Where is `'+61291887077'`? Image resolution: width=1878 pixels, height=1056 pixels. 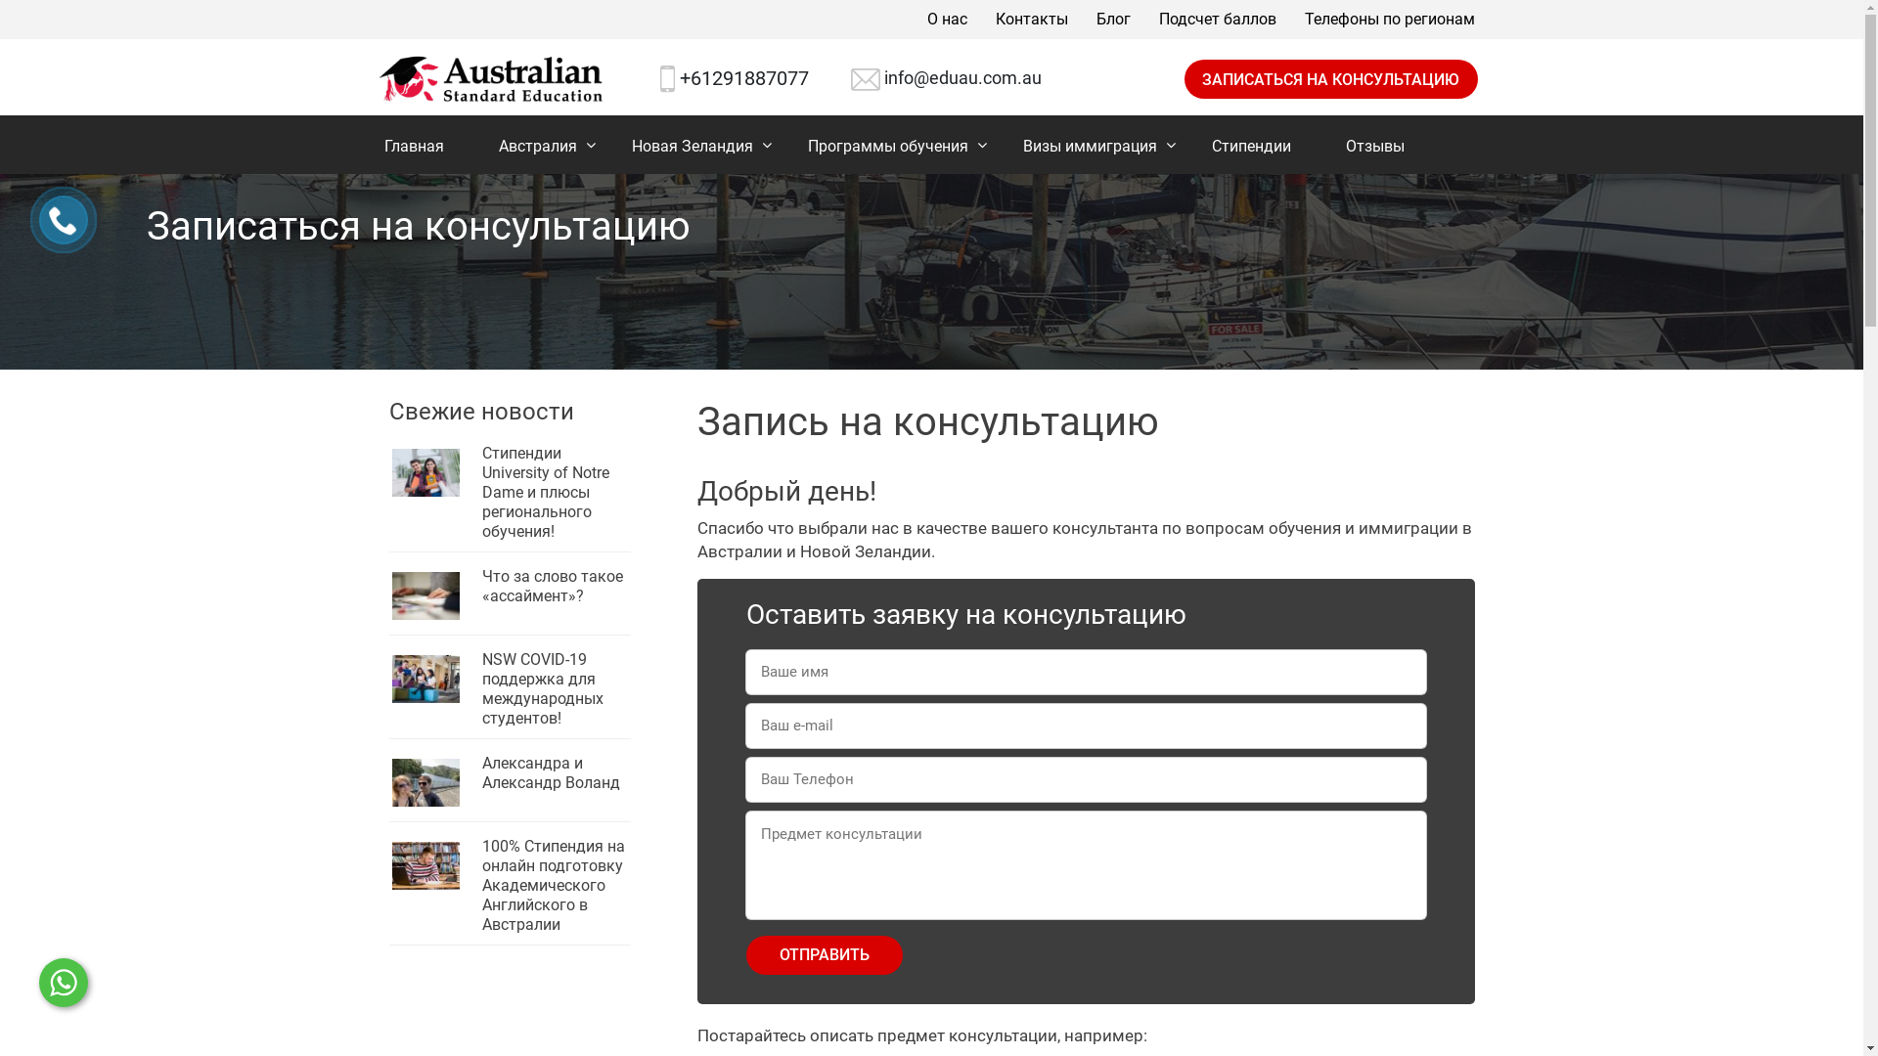
'+61291887077' is located at coordinates (743, 77).